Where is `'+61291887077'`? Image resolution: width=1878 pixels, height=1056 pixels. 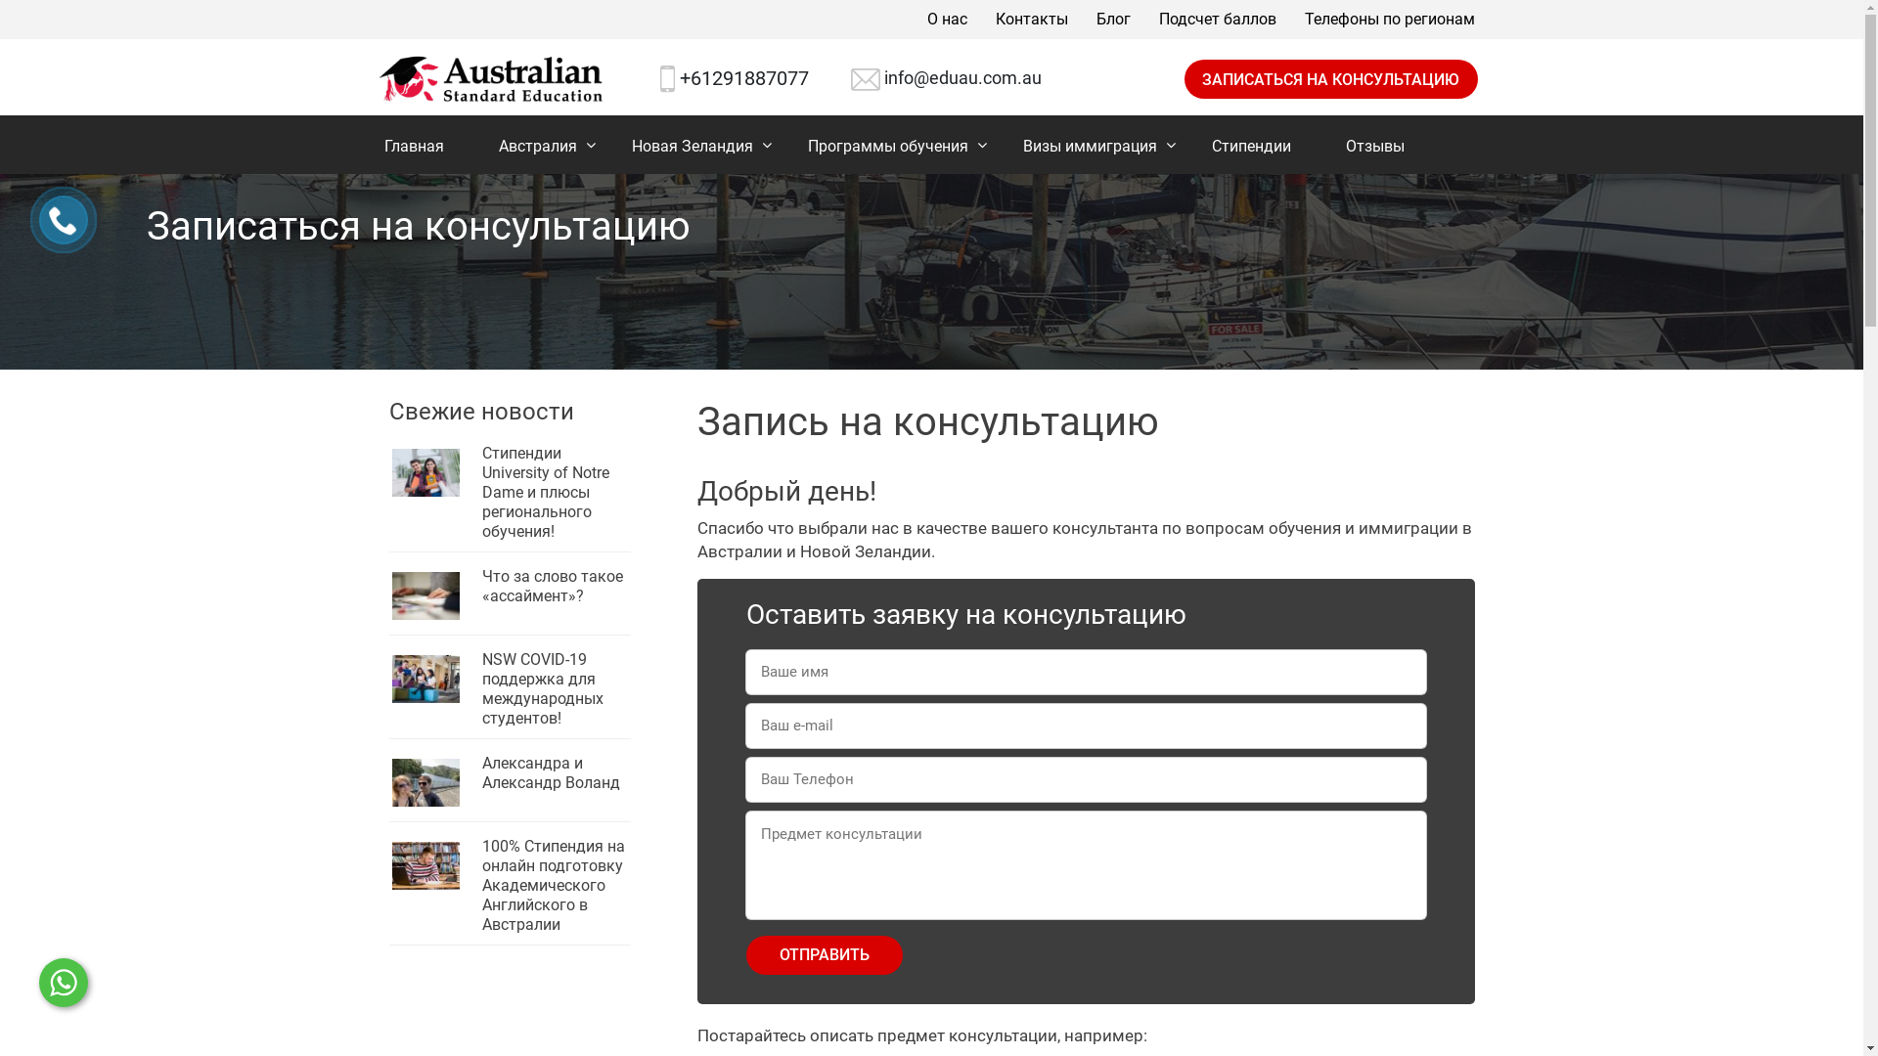
'+61291887077' is located at coordinates (743, 77).